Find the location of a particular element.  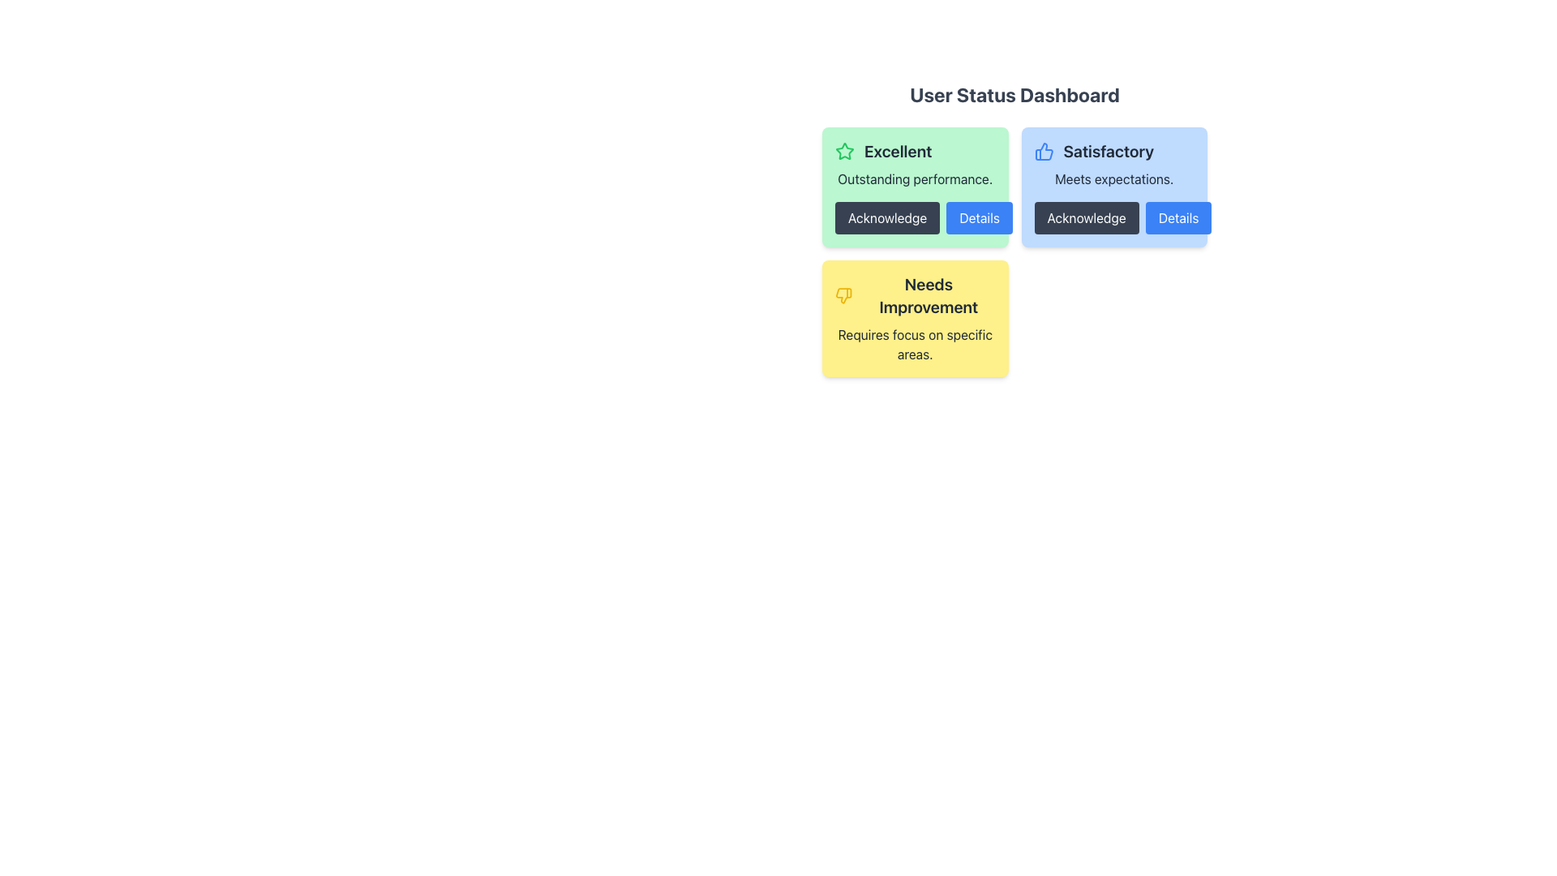

the 'Acknowledge' button, which has a dark gray background and white text is located at coordinates (1113, 217).